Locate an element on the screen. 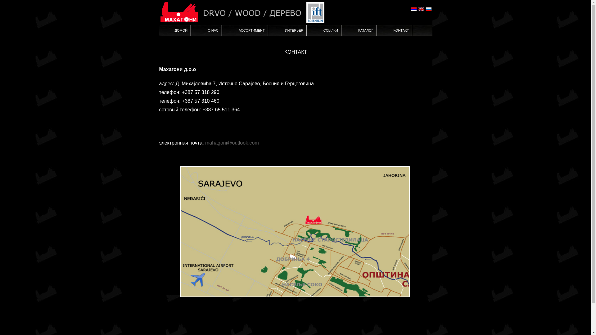 Image resolution: width=596 pixels, height=335 pixels. 'Serbian' is located at coordinates (413, 9).